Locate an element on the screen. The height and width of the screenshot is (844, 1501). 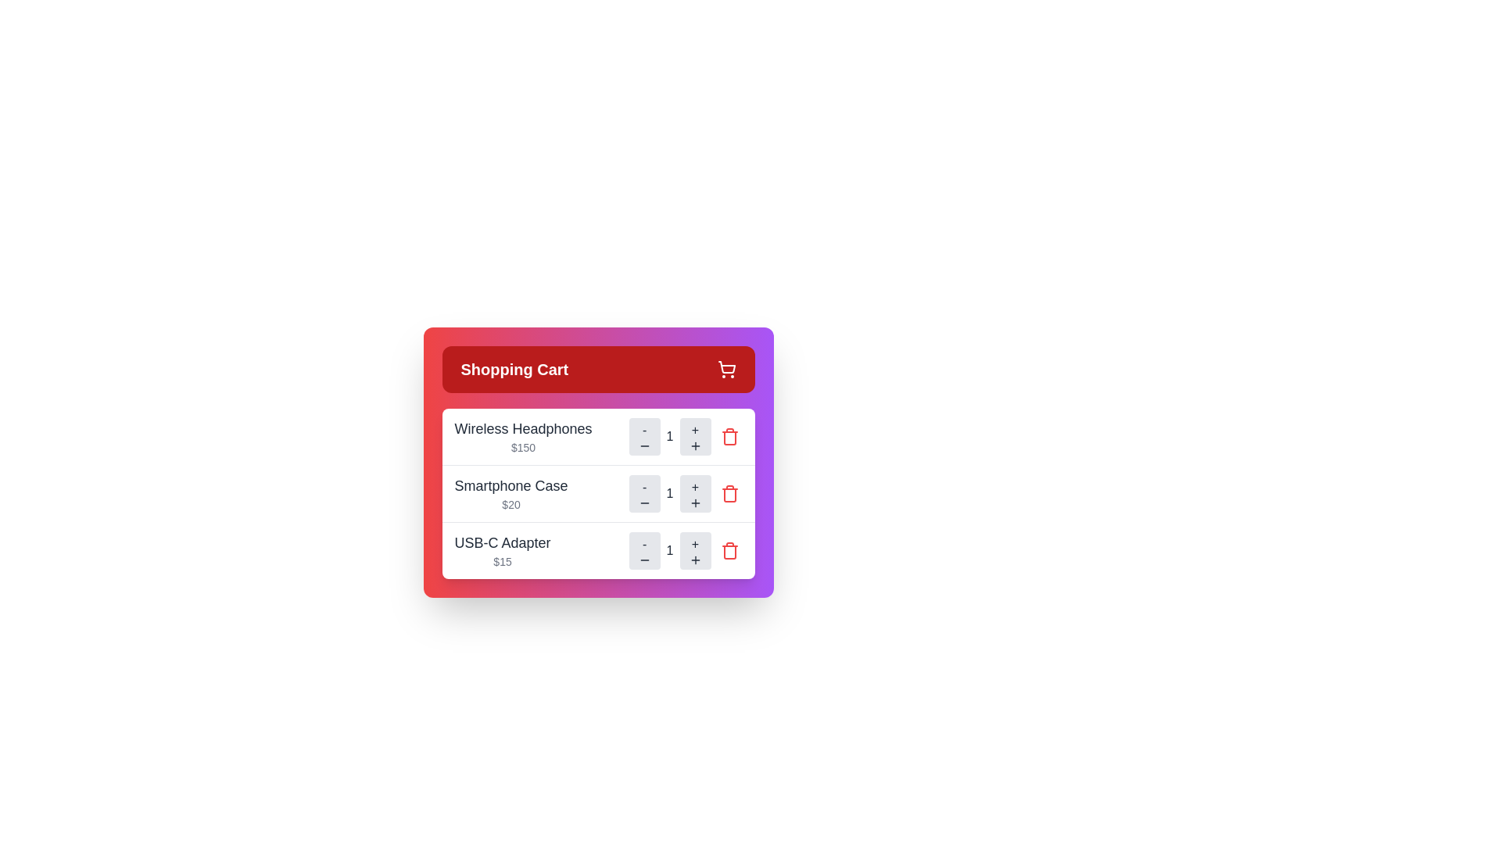
'+' button next to the item specified by Wireless Headphones is located at coordinates (694, 437).